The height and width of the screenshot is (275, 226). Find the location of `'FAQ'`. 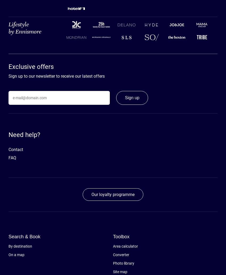

'FAQ' is located at coordinates (12, 158).